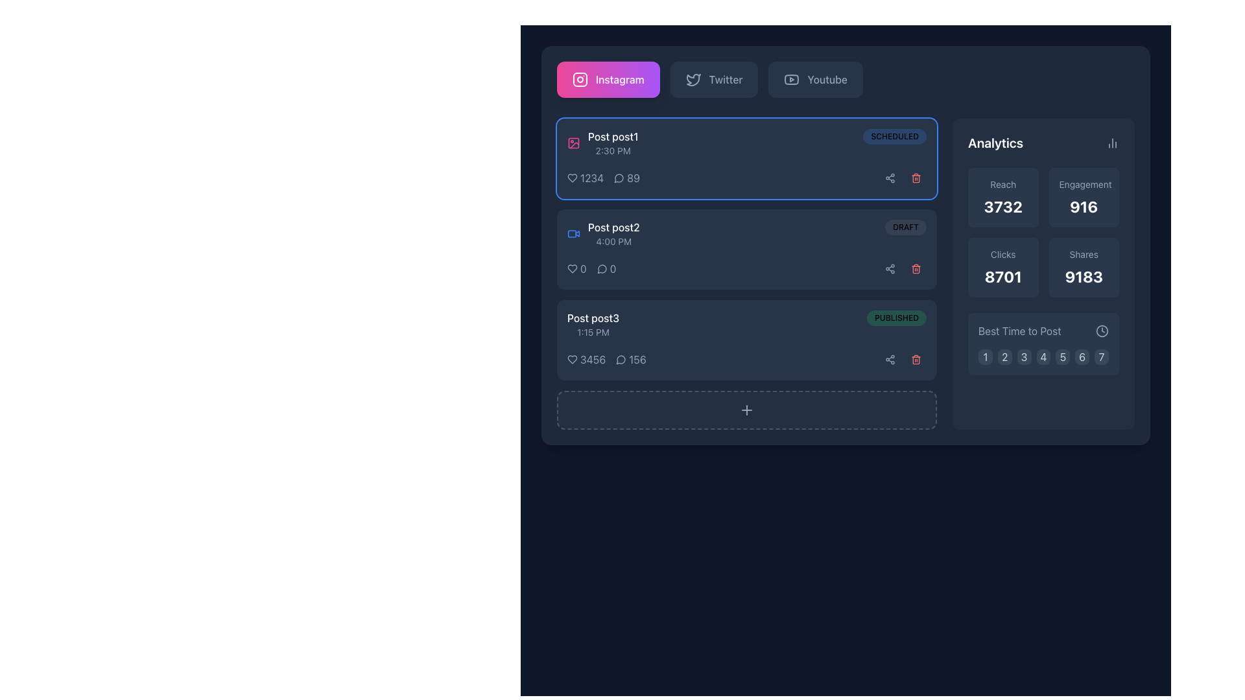  Describe the element at coordinates (895, 318) in the screenshot. I see `the status indicator label located in the third row of the list of posts, positioned to the far-right beside the timestamp and other post details` at that location.